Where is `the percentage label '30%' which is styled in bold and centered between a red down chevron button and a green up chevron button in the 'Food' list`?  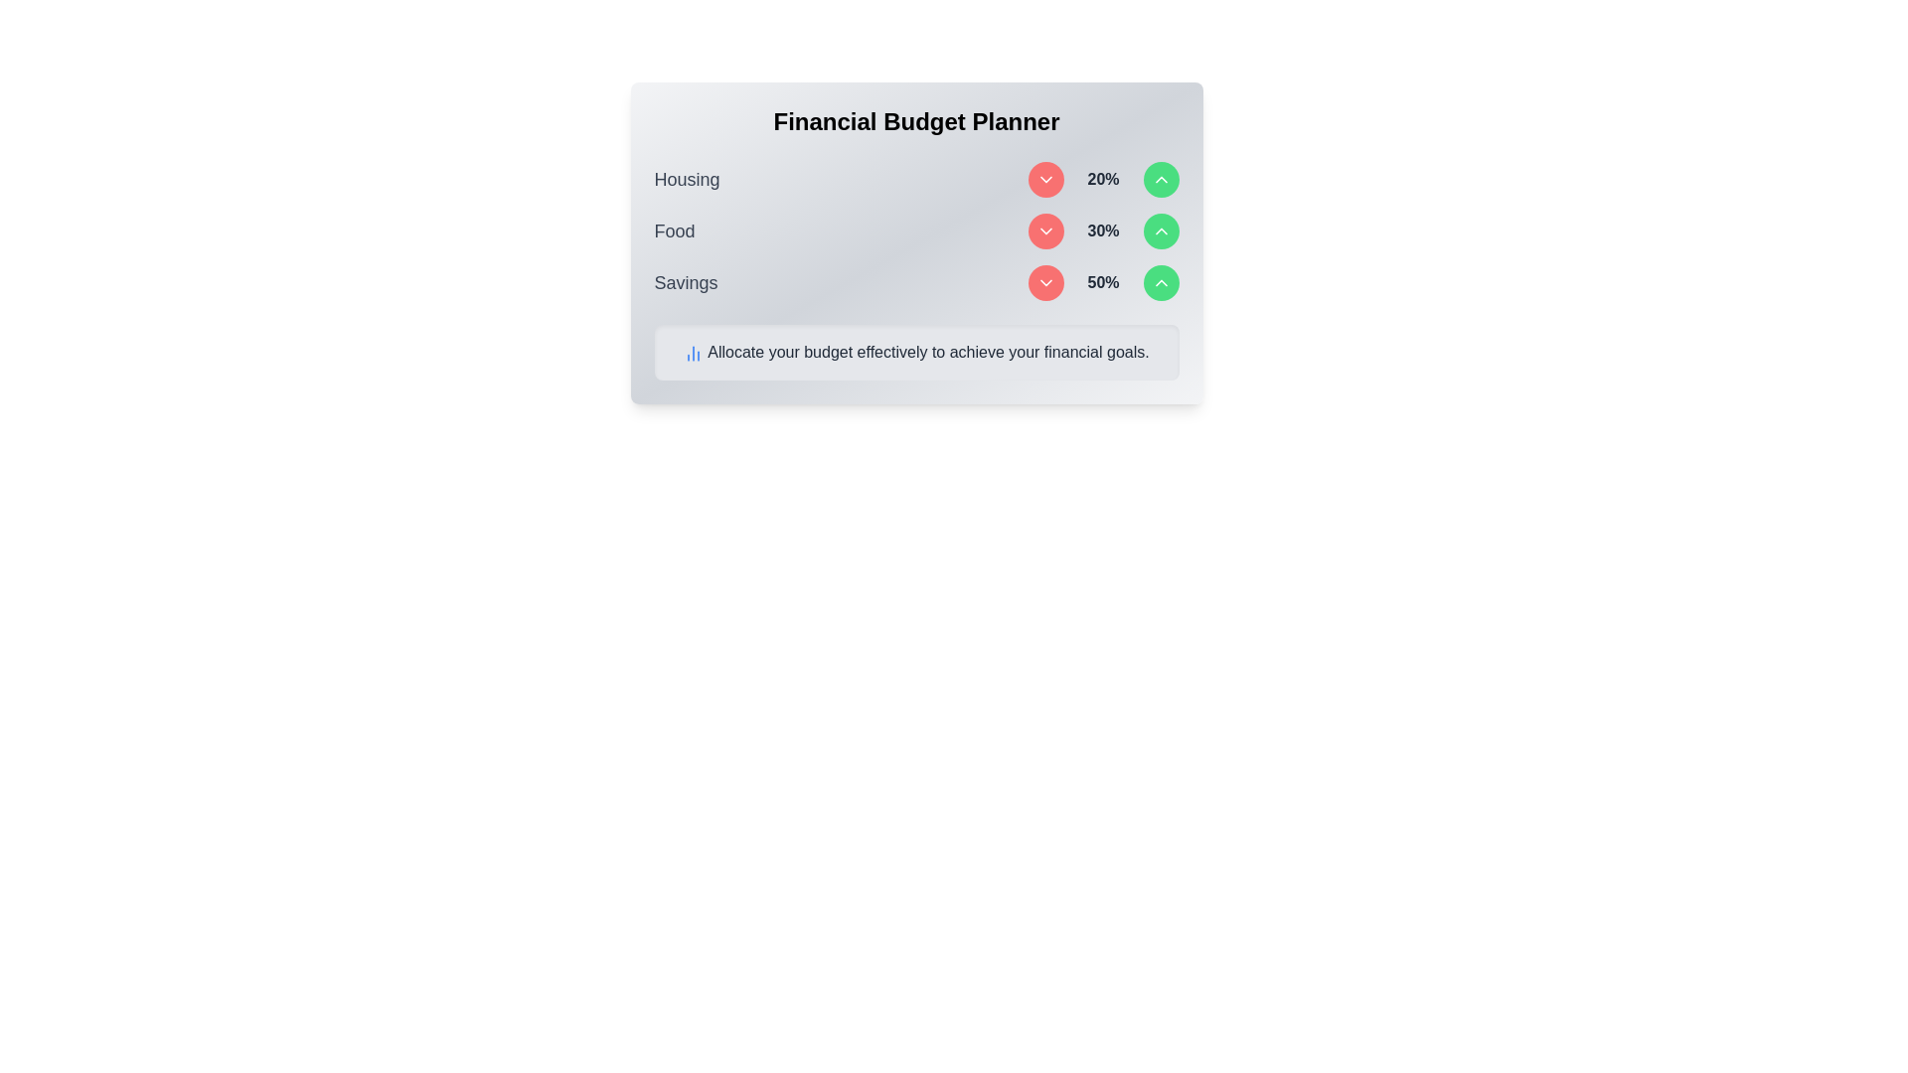
the percentage label '30%' which is styled in bold and centered between a red down chevron button and a green up chevron button in the 'Food' list is located at coordinates (1102, 230).